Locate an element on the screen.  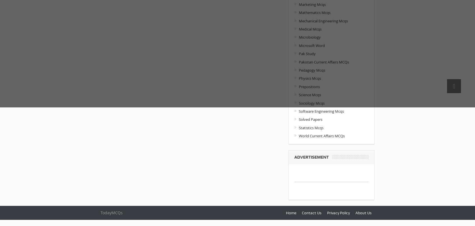
'Prepositions' is located at coordinates (309, 86).